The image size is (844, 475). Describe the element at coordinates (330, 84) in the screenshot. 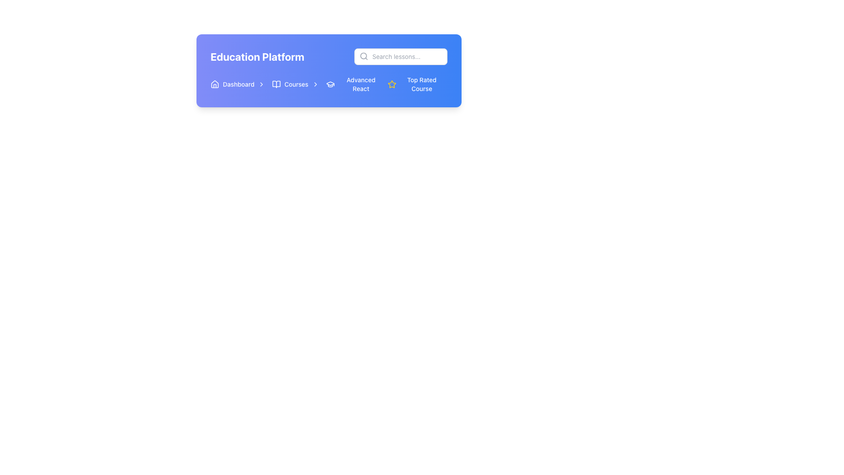

I see `the graduation cap icon in the top navigation bar, which has a blue background and is located to the left of the 'Education Platform' text` at that location.